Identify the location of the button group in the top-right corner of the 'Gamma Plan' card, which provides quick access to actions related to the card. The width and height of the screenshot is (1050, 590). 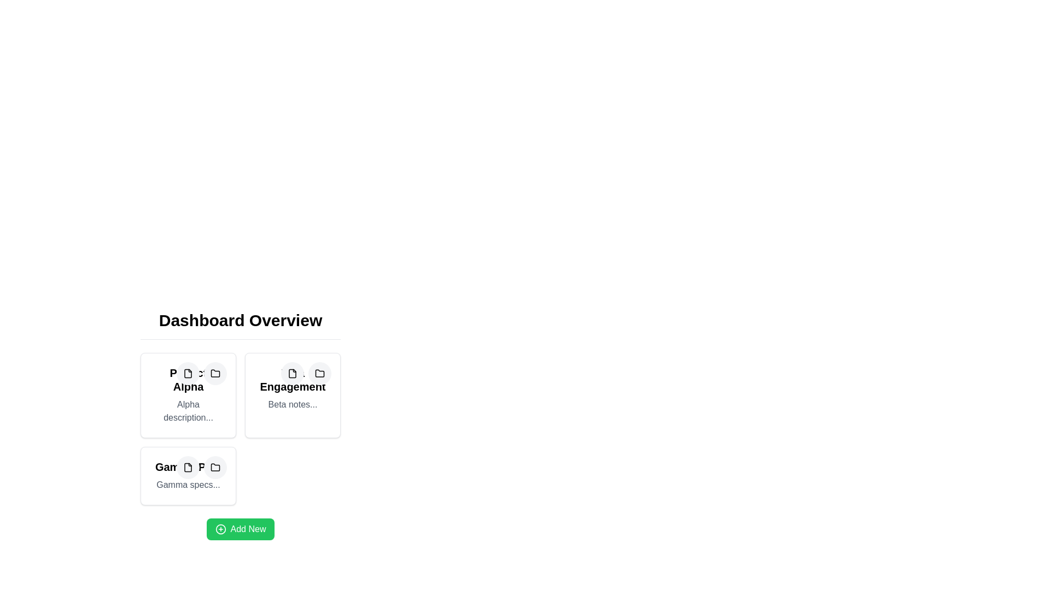
(202, 467).